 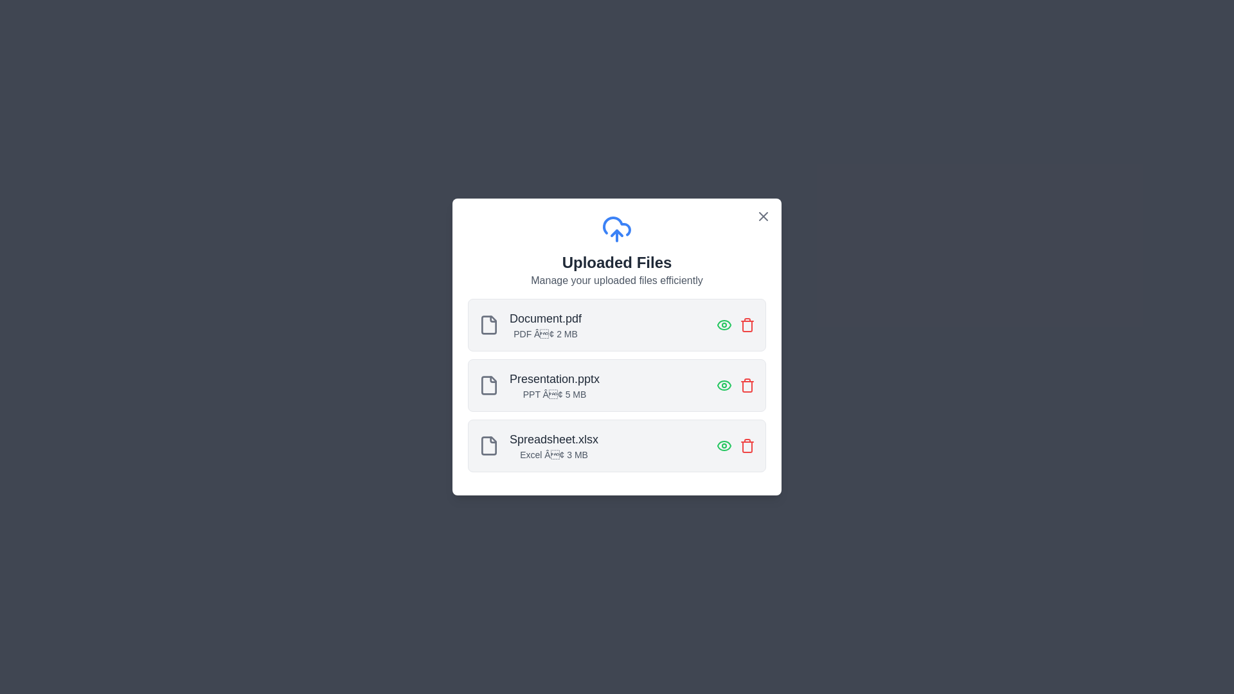 What do you see at coordinates (554, 438) in the screenshot?
I see `the text label in the third row of the list that identifies the file name, which is positioned above the additional details text 'Excel • 3 MB' and adjacent to a file-type icon` at bounding box center [554, 438].